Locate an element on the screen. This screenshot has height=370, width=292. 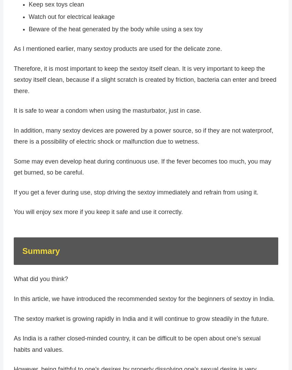
'Summary' is located at coordinates (41, 254).